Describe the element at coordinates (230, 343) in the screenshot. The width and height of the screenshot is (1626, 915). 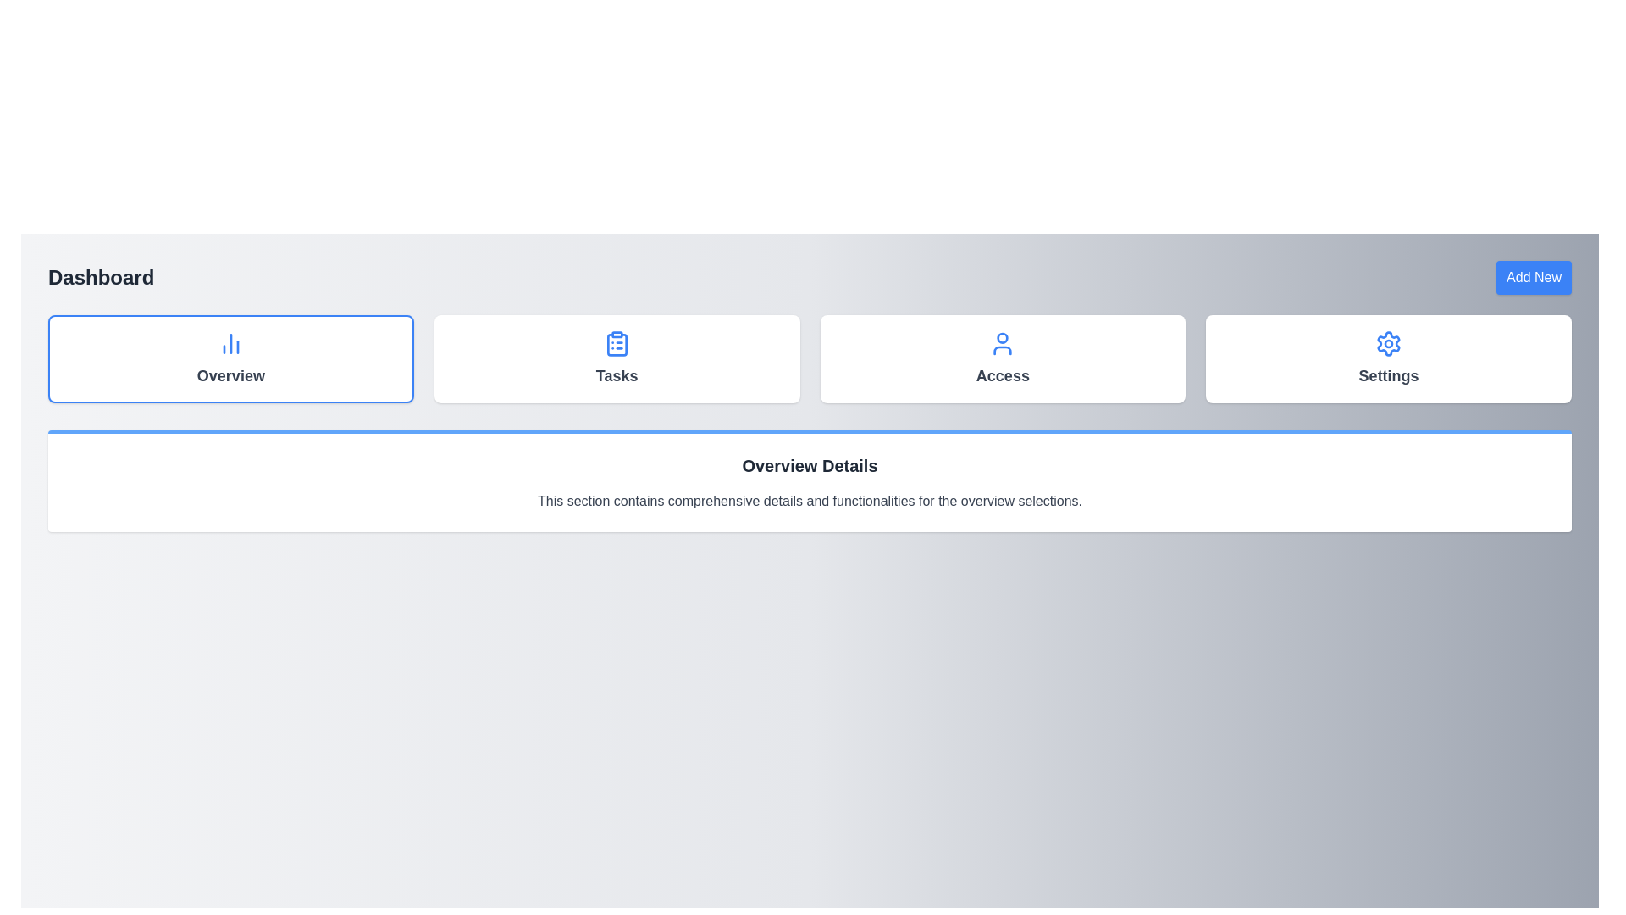
I see `the icon representing the 'Overview' section` at that location.